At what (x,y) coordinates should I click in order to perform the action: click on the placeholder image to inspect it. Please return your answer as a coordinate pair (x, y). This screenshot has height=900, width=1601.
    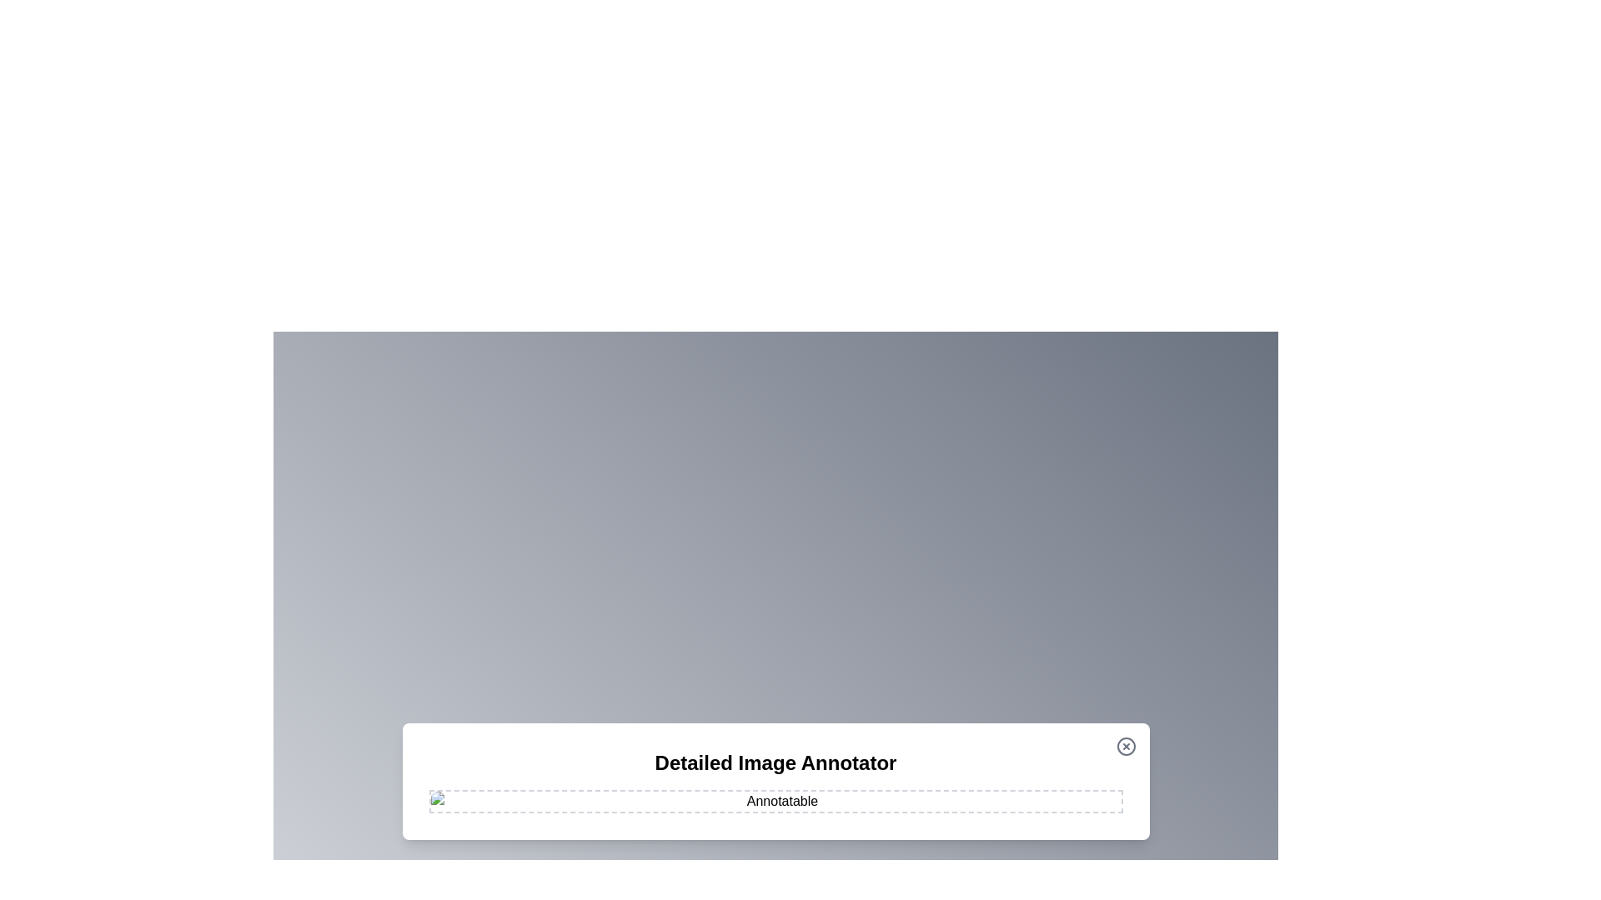
    Looking at the image, I should click on (775, 800).